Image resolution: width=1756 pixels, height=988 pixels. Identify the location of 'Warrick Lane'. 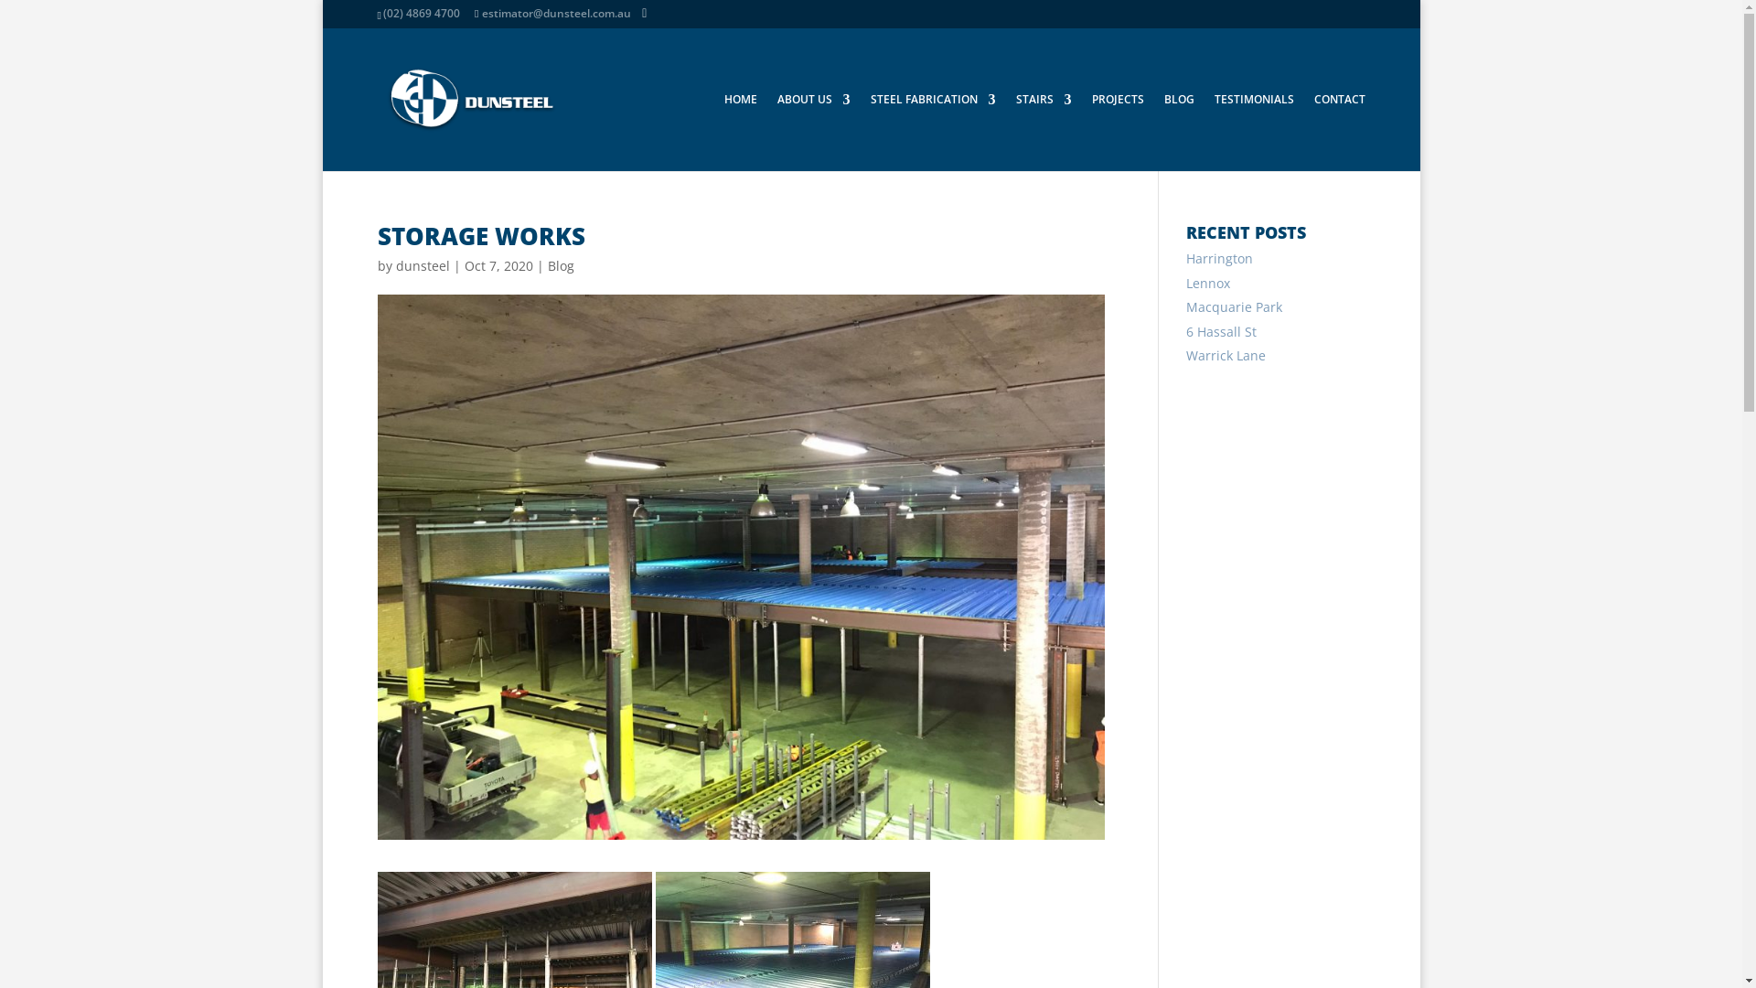
(1226, 355).